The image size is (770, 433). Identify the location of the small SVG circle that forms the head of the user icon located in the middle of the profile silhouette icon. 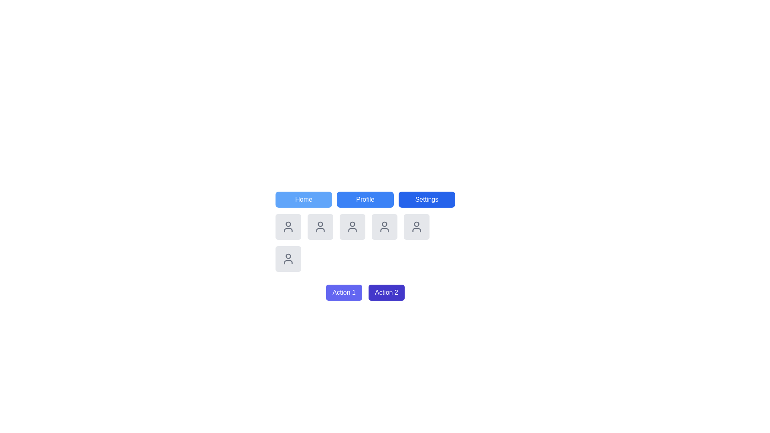
(288, 256).